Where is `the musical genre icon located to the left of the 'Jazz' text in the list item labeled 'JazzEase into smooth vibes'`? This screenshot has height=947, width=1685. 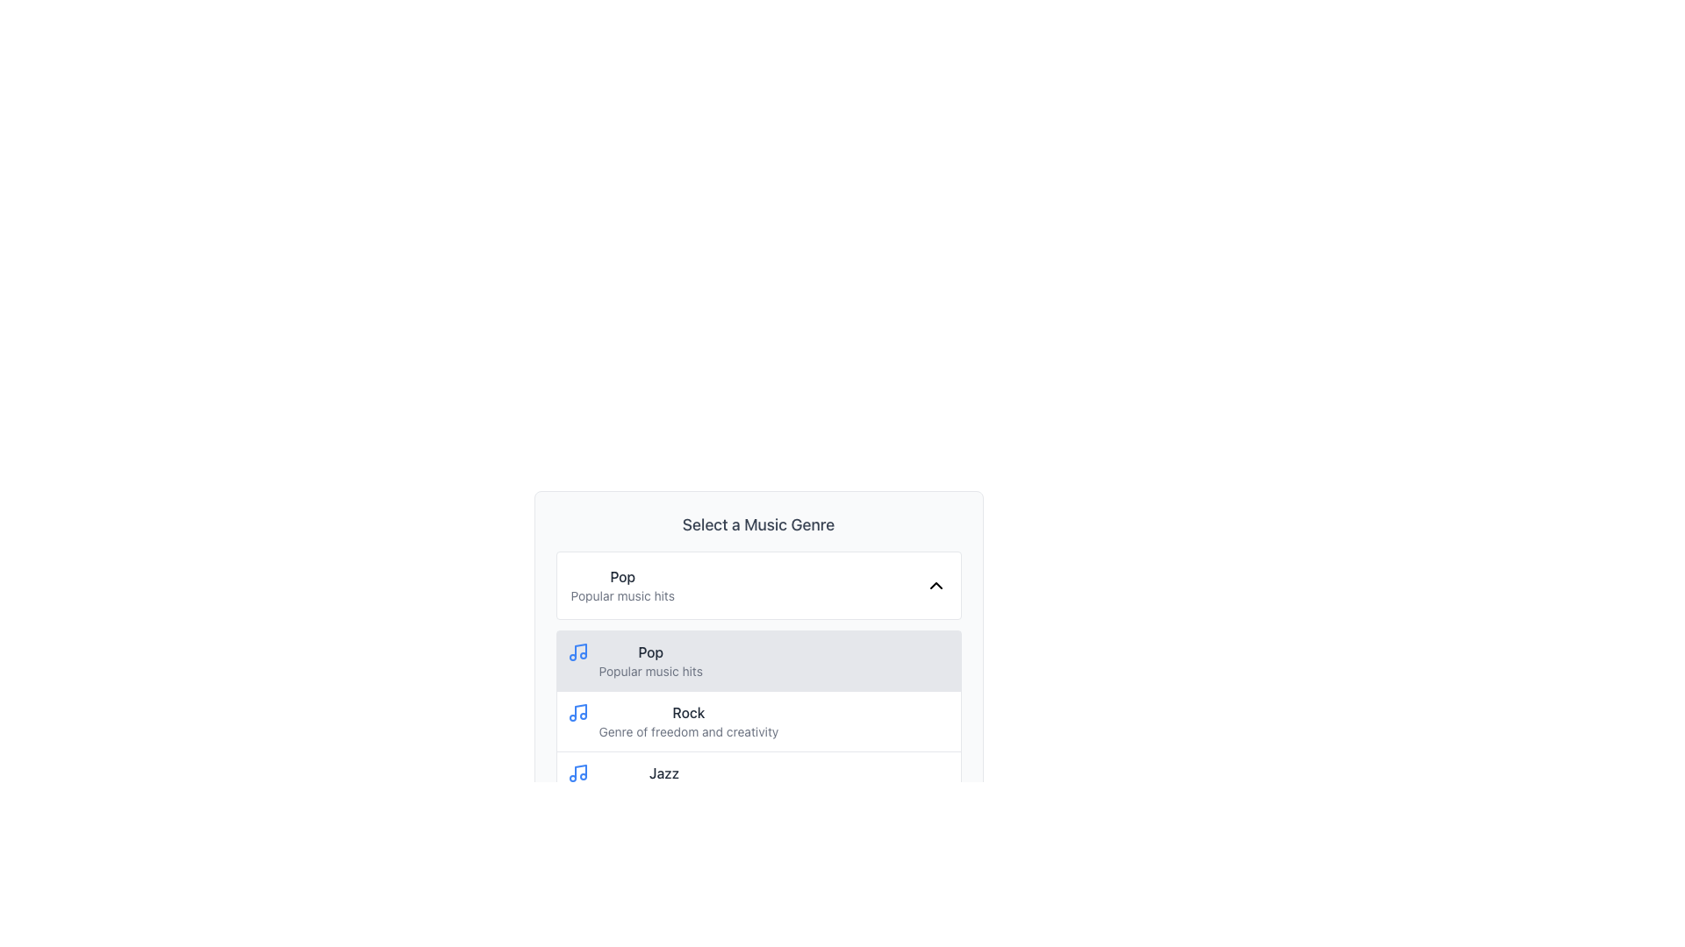 the musical genre icon located to the left of the 'Jazz' text in the list item labeled 'JazzEase into smooth vibes' is located at coordinates (577, 773).